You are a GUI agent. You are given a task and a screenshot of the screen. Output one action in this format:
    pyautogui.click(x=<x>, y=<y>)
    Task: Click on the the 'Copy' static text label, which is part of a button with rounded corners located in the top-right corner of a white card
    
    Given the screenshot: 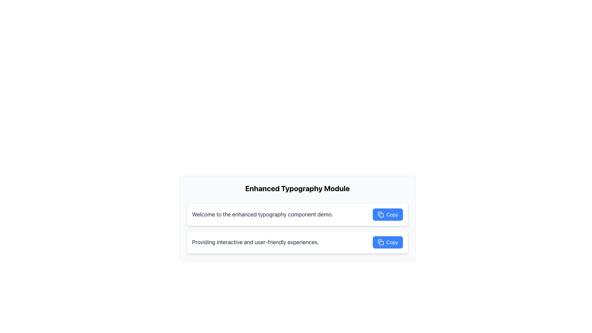 What is the action you would take?
    pyautogui.click(x=392, y=214)
    